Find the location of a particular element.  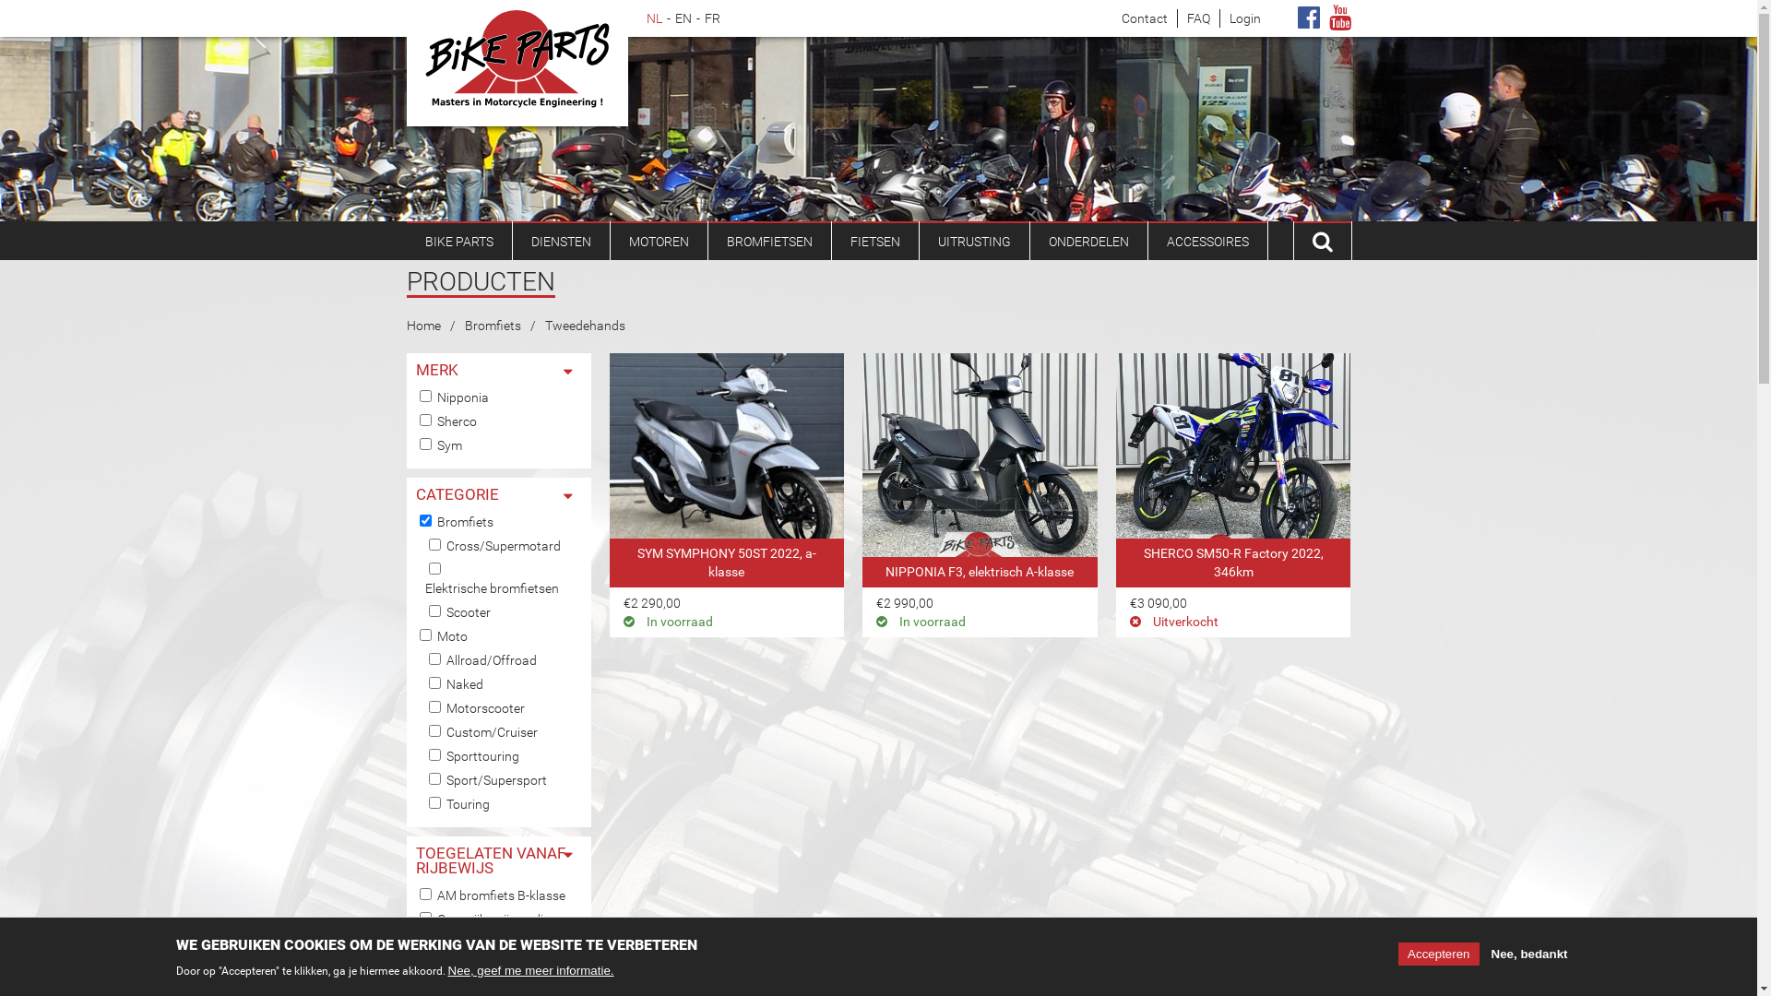

'Accepteren' is located at coordinates (1437, 954).